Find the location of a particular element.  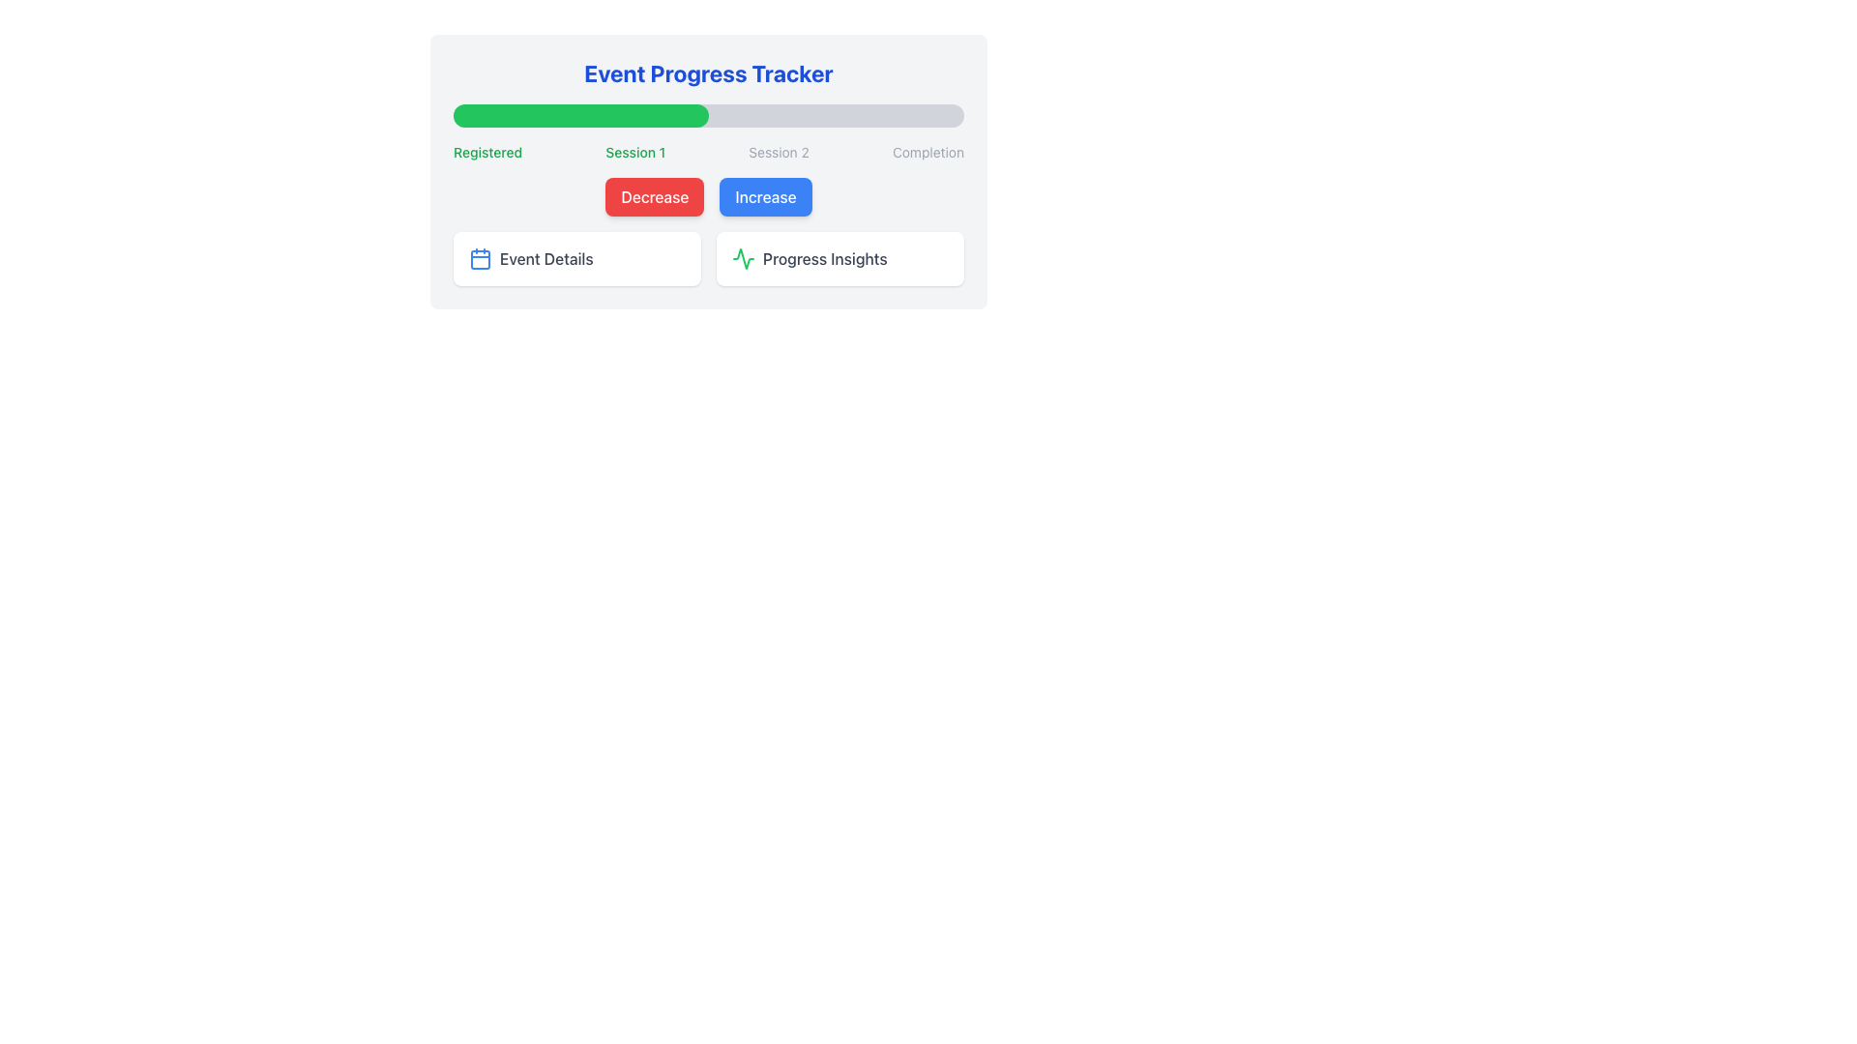

the second button located to the right of the red 'Decrease' button is located at coordinates (765, 197).